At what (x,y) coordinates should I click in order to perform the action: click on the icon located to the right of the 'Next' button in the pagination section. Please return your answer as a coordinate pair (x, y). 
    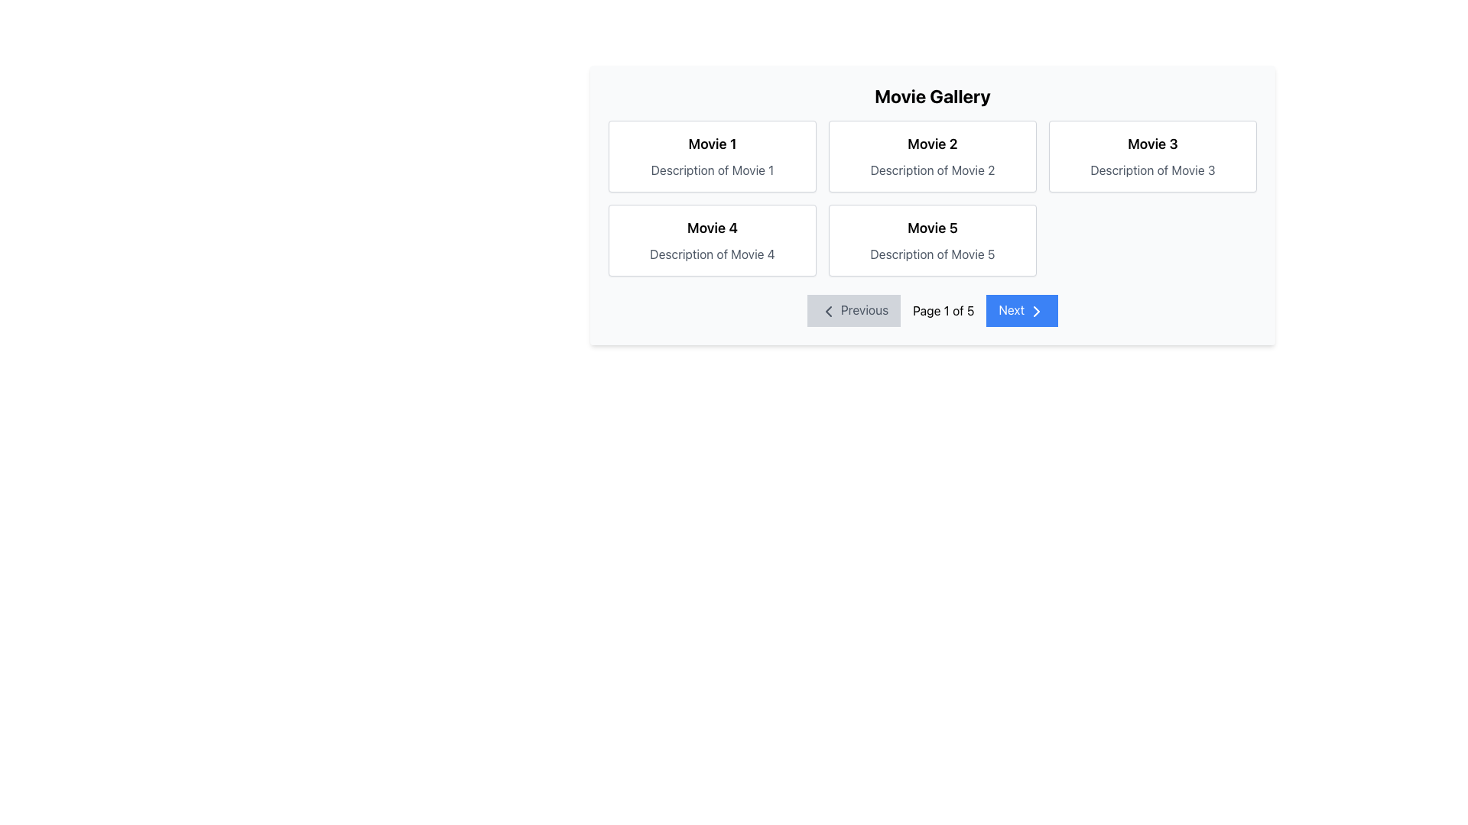
    Looking at the image, I should click on (1037, 310).